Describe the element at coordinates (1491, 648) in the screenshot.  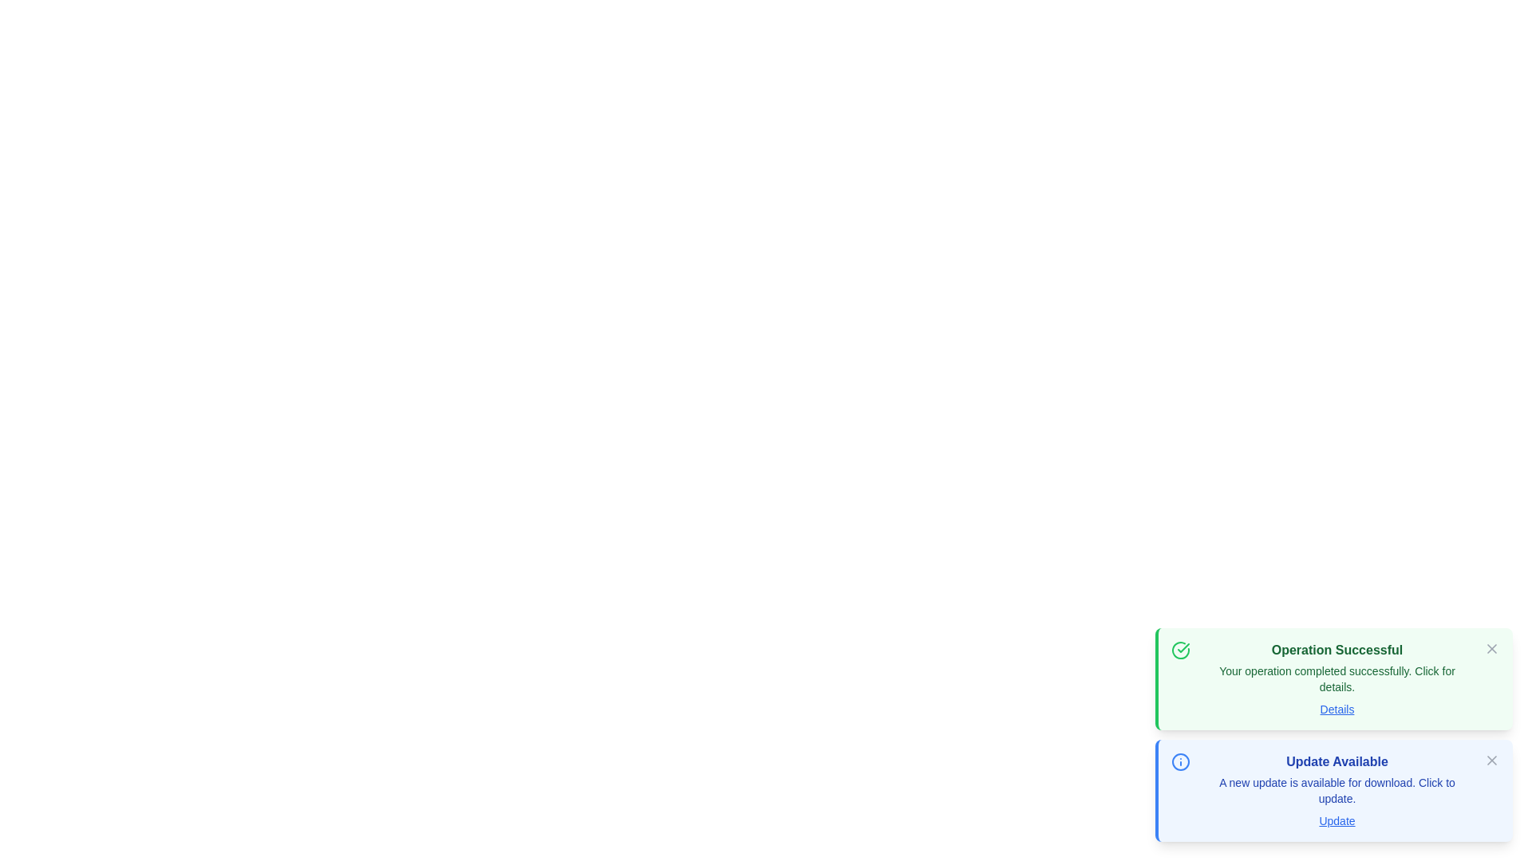
I see `the close icon located in the top-right corner of the green notification panel labeled 'Operation Successful'` at that location.